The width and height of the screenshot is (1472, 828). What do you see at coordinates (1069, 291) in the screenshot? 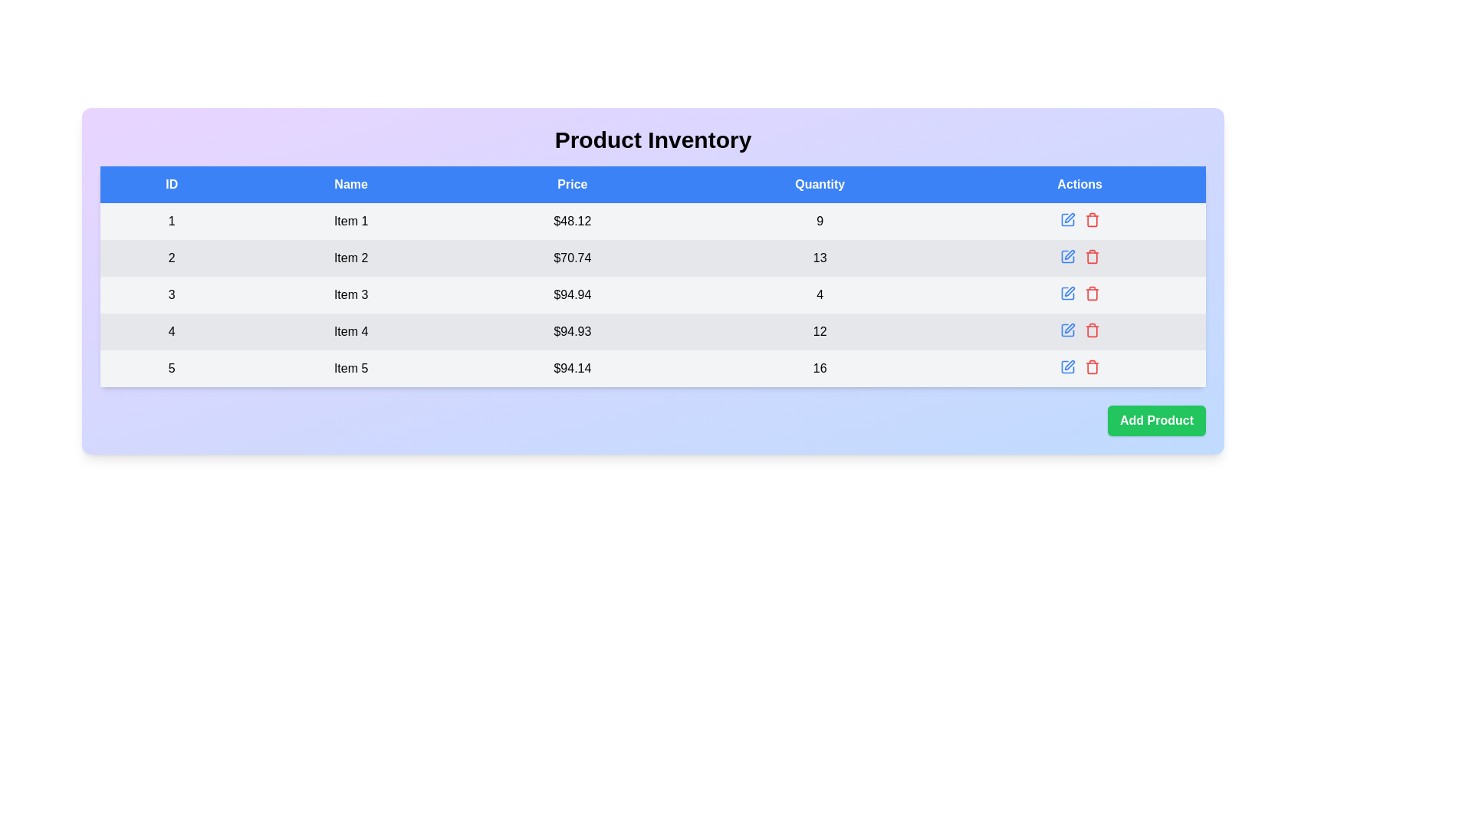
I see `the pen icon button in the Actions column, located in the fourth row, to initiate the editing function` at bounding box center [1069, 291].